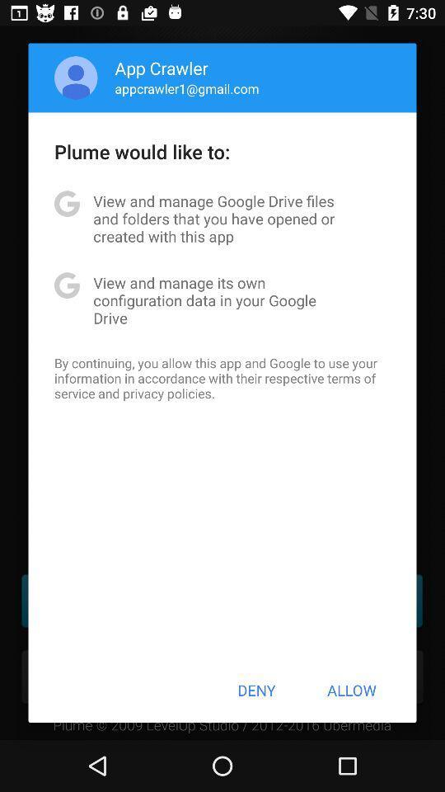 This screenshot has width=445, height=792. What do you see at coordinates (256, 690) in the screenshot?
I see `item next to the allow button` at bounding box center [256, 690].